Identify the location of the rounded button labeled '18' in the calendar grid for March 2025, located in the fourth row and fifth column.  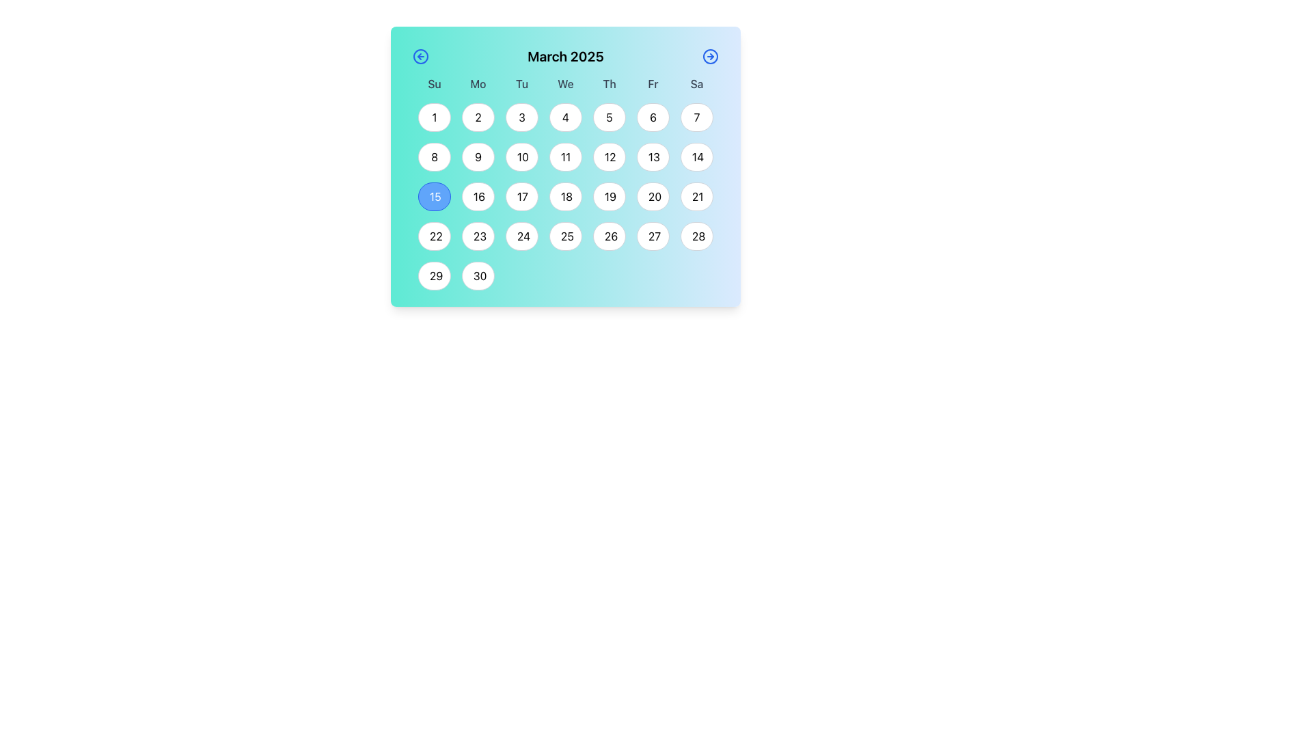
(566, 191).